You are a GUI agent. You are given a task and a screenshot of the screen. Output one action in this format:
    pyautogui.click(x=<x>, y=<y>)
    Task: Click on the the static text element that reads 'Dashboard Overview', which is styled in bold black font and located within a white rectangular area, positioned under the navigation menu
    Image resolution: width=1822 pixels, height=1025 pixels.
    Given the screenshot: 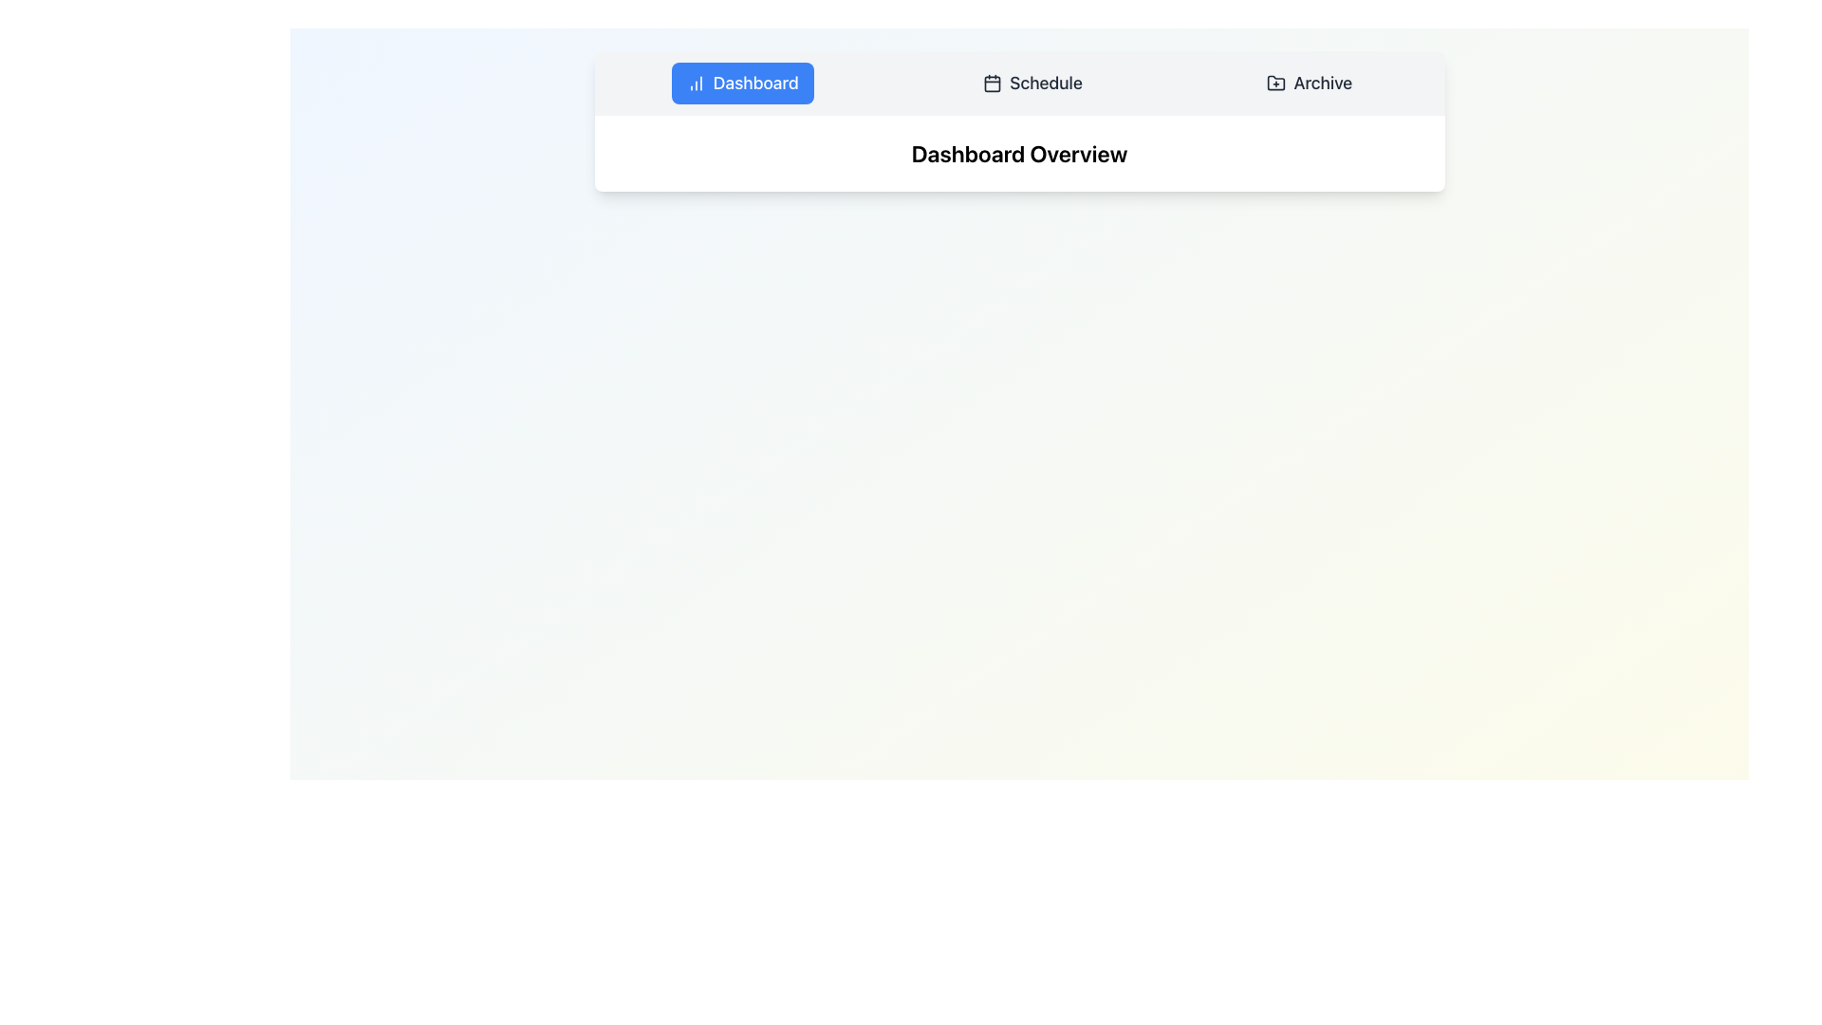 What is the action you would take?
    pyautogui.click(x=1018, y=153)
    